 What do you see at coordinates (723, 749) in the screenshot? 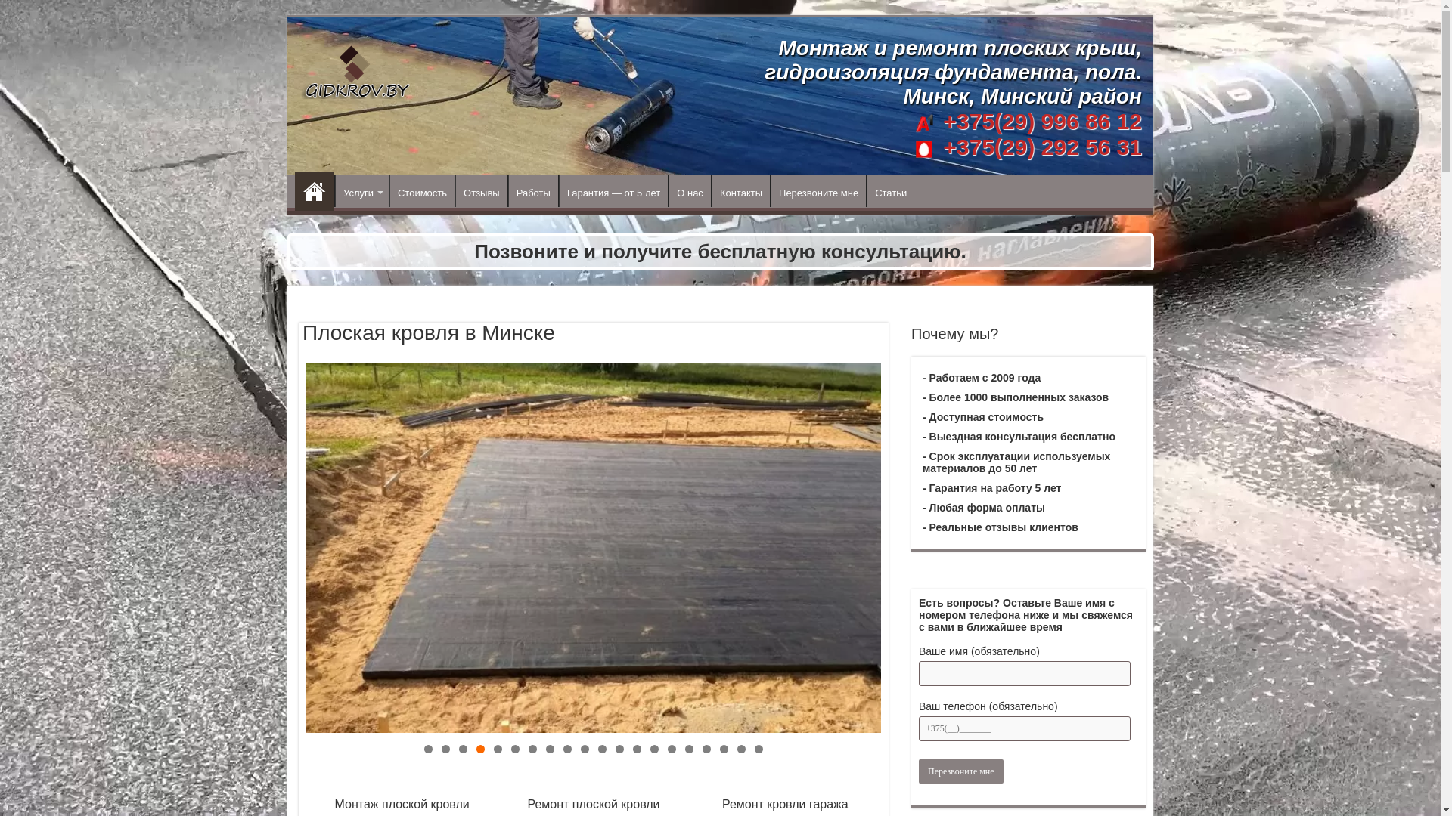
I see `'18'` at bounding box center [723, 749].